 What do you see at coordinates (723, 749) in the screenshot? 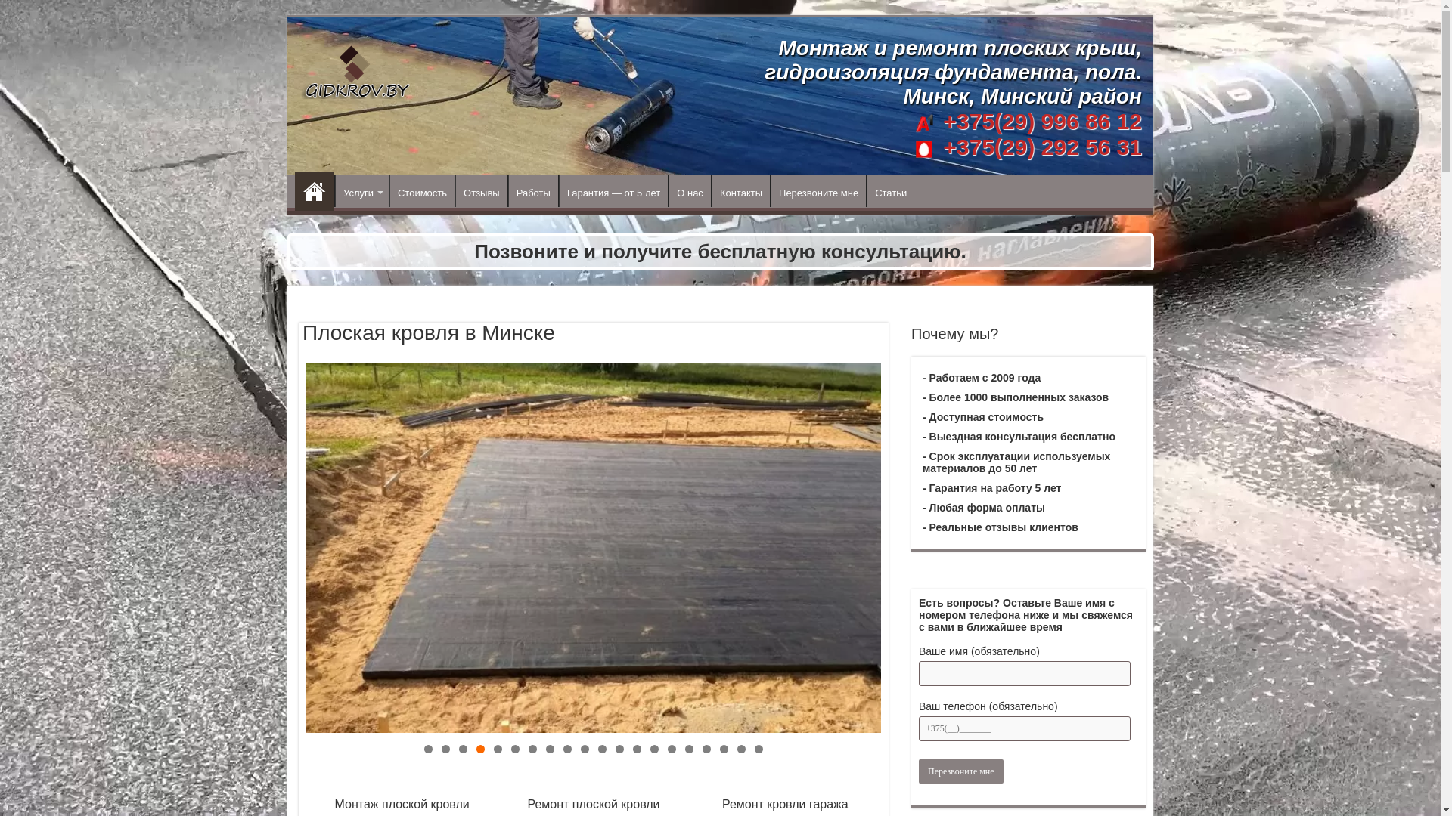
I see `'18'` at bounding box center [723, 749].